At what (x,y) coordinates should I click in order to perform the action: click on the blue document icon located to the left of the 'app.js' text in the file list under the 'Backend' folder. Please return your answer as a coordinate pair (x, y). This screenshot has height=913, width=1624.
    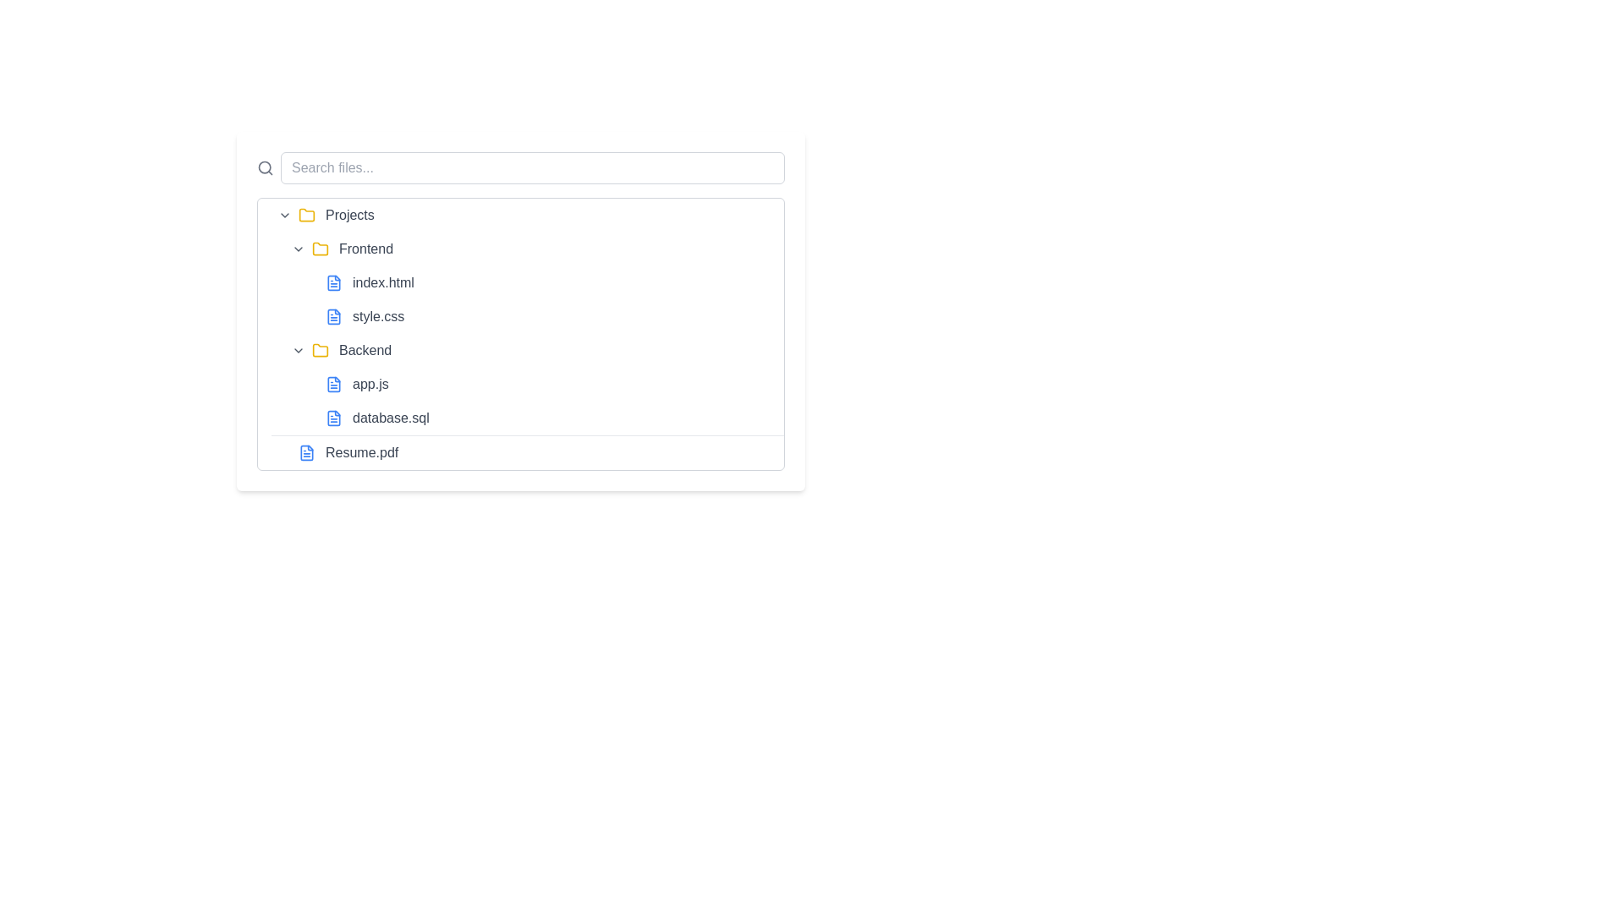
    Looking at the image, I should click on (333, 385).